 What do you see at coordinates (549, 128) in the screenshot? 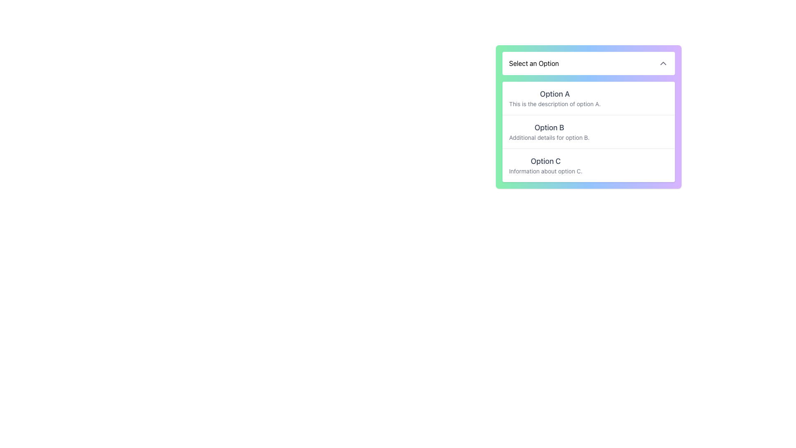
I see `static label displaying 'Option B' which is bold and larger in font size, positioned above the details for option B` at bounding box center [549, 128].